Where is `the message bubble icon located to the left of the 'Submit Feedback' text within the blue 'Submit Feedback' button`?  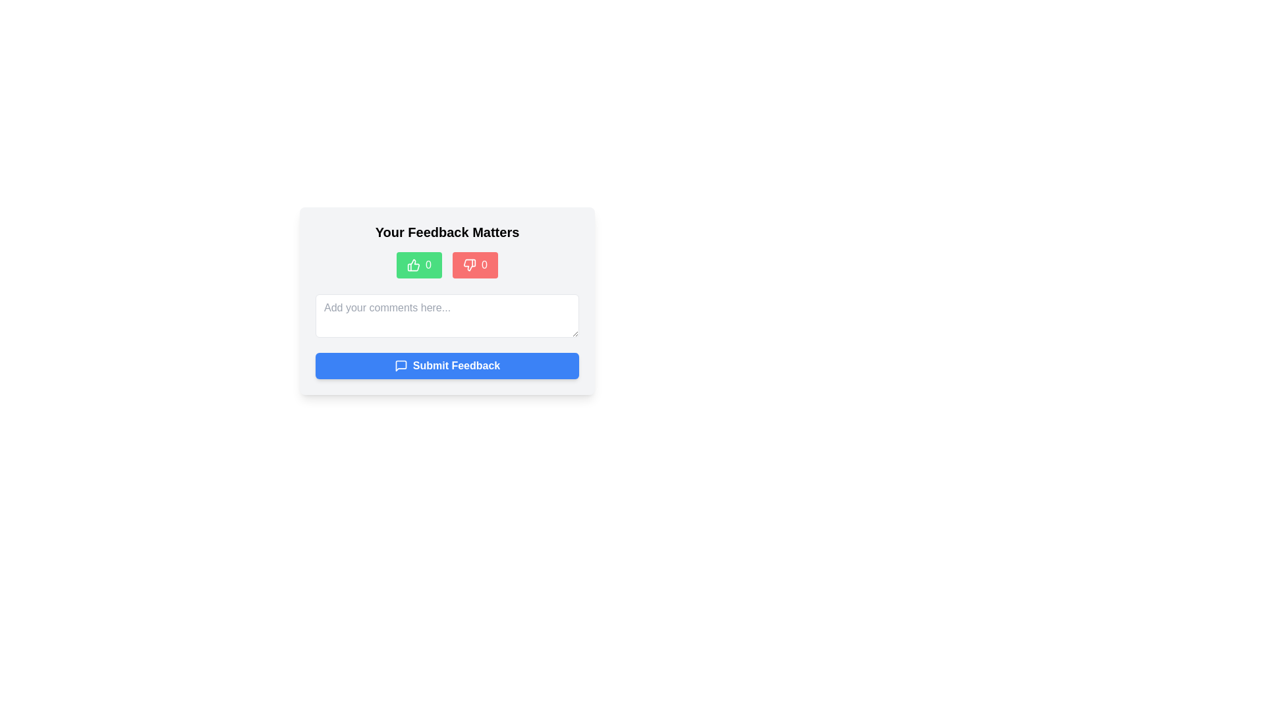
the message bubble icon located to the left of the 'Submit Feedback' text within the blue 'Submit Feedback' button is located at coordinates (400, 365).